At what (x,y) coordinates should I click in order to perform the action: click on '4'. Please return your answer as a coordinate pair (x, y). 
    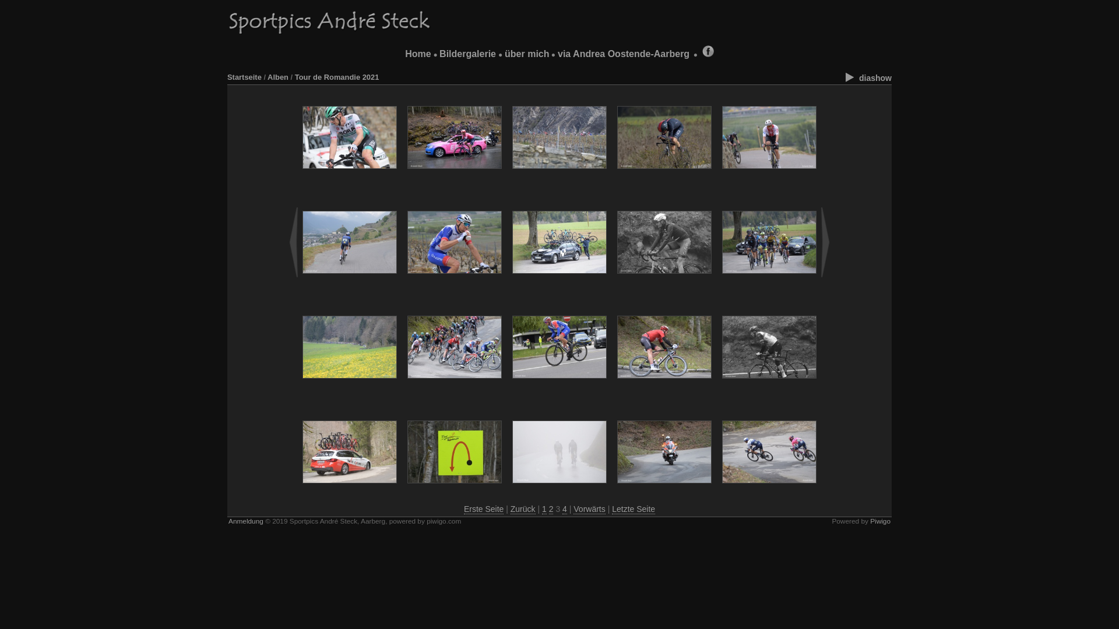
    Looking at the image, I should click on (562, 508).